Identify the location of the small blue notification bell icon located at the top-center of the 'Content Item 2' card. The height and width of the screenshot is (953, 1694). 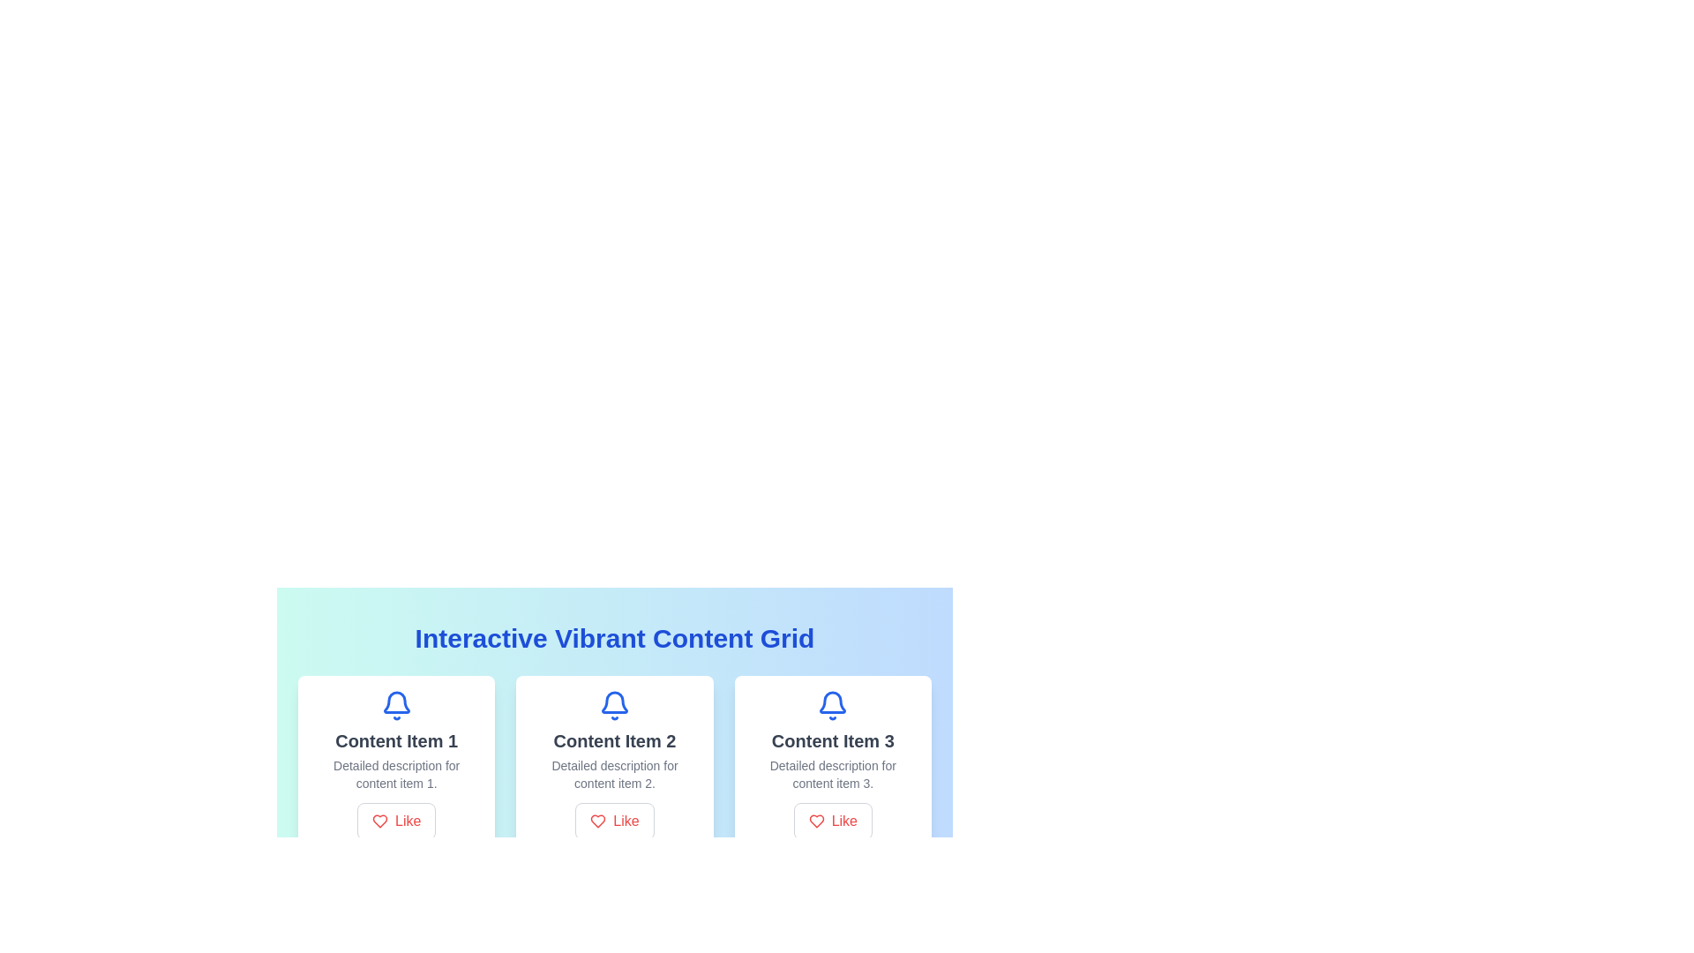
(614, 701).